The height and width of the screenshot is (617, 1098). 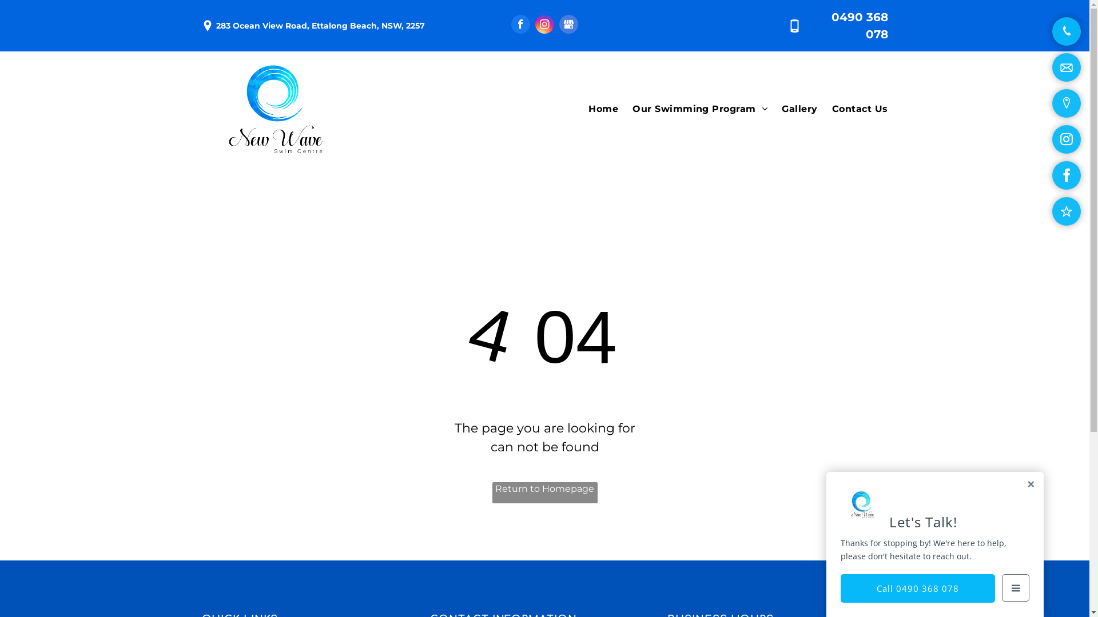 What do you see at coordinates (692, 109) in the screenshot?
I see `'Our Swimming Program'` at bounding box center [692, 109].